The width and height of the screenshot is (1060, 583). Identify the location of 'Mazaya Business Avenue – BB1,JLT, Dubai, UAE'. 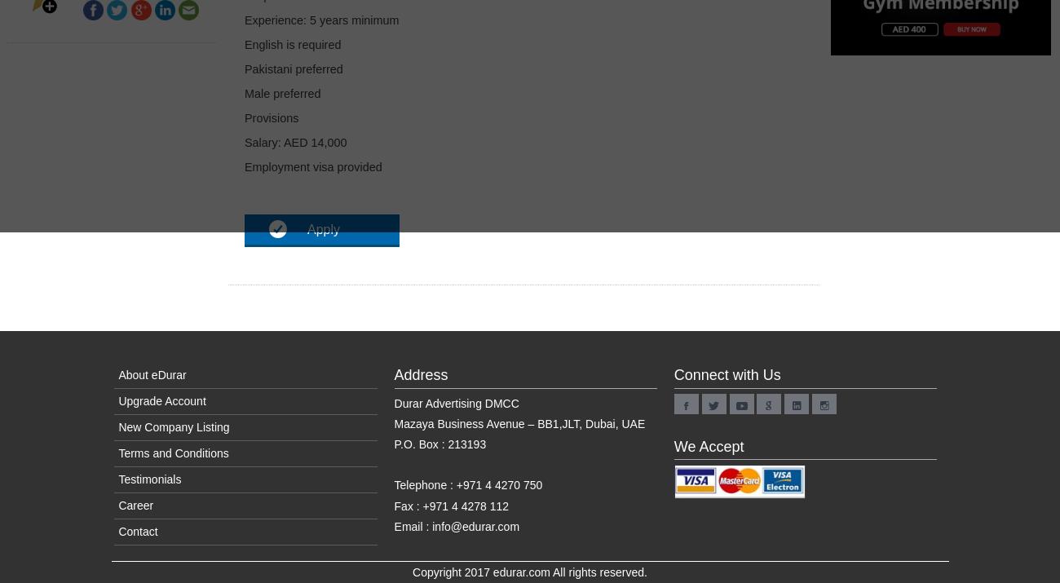
(519, 423).